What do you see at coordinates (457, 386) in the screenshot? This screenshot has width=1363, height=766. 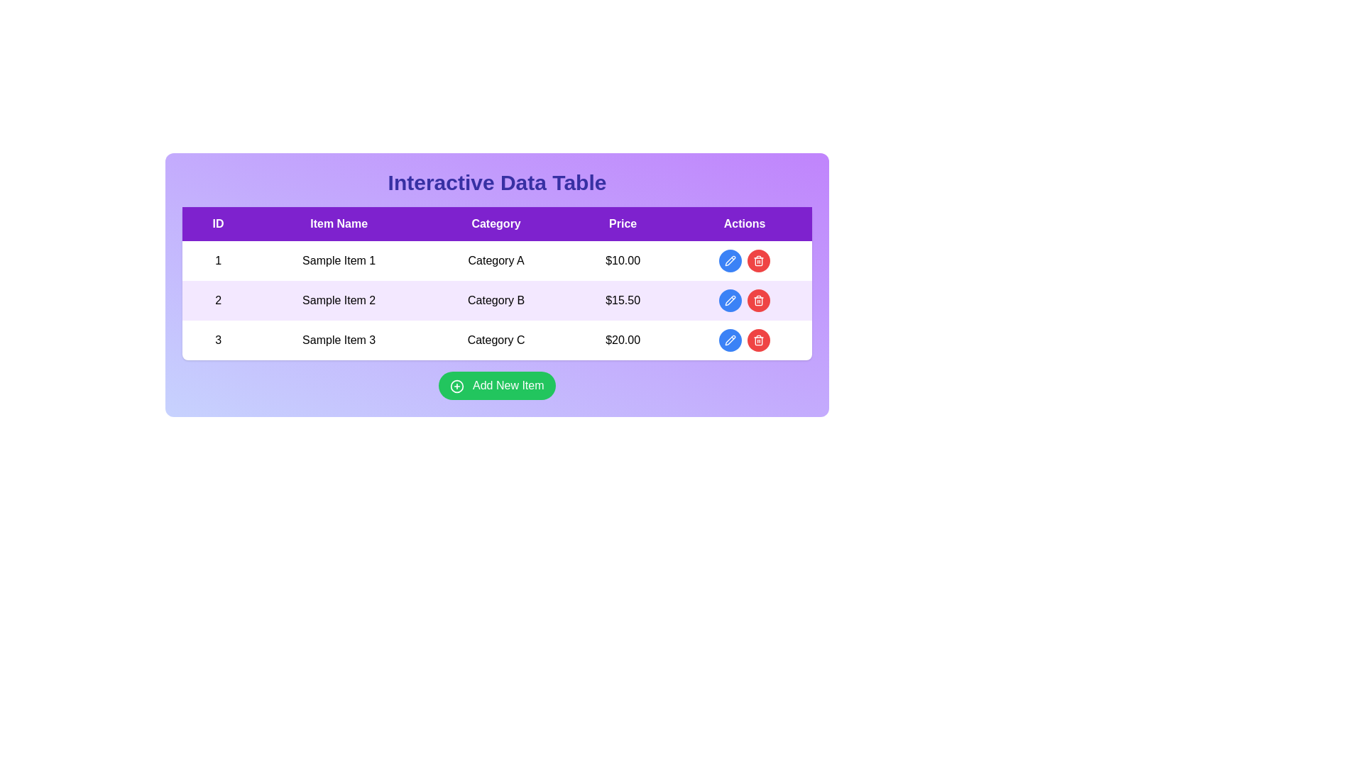 I see `the decorative role of the 'circle plus' icon within the 'Add New Item' button by clicking on it` at bounding box center [457, 386].